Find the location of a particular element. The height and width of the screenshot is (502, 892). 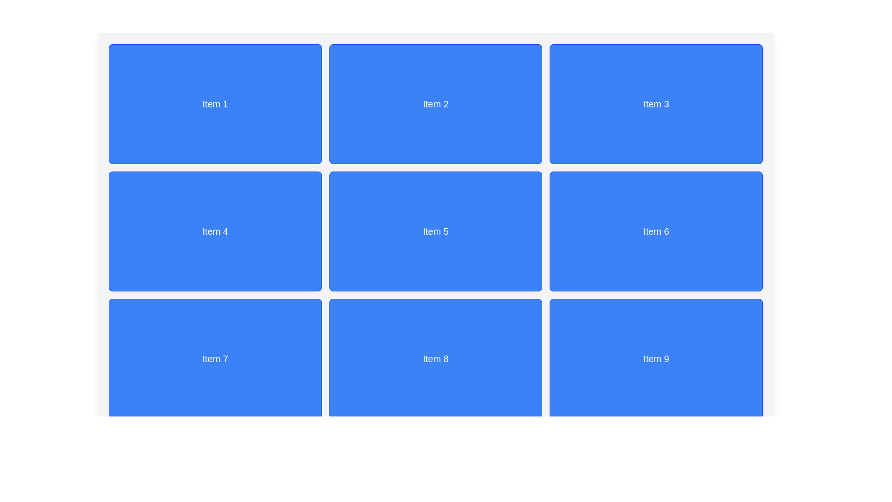

the labeled grid item located in the second row and third column of a 3x3 grid layout, which is situated directly below 'Item 3' and above 'Item 9' is located at coordinates (656, 231).